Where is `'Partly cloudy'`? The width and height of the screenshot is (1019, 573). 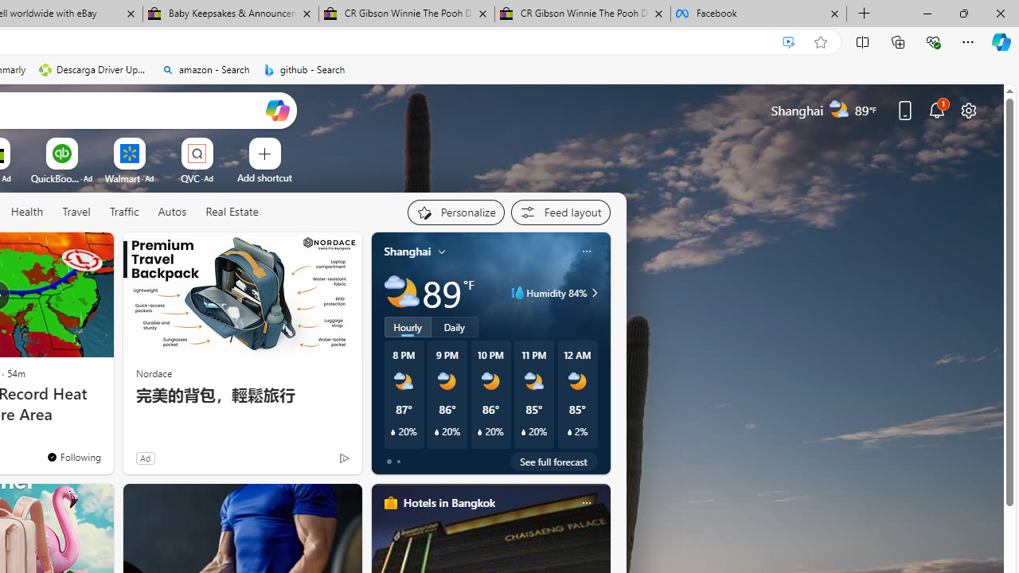 'Partly cloudy' is located at coordinates (401, 293).